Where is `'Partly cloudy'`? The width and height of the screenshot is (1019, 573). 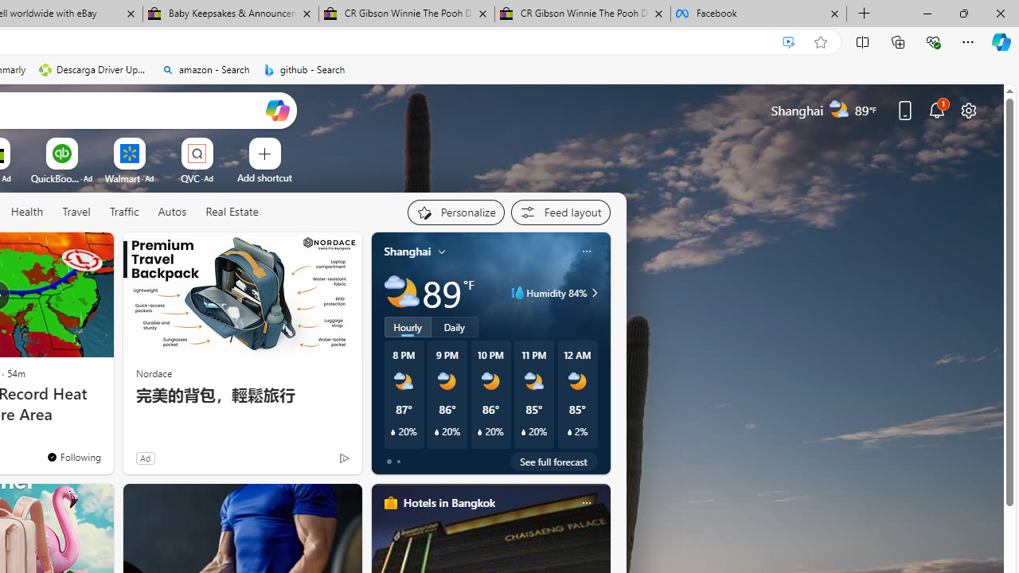 'Partly cloudy' is located at coordinates (401, 293).